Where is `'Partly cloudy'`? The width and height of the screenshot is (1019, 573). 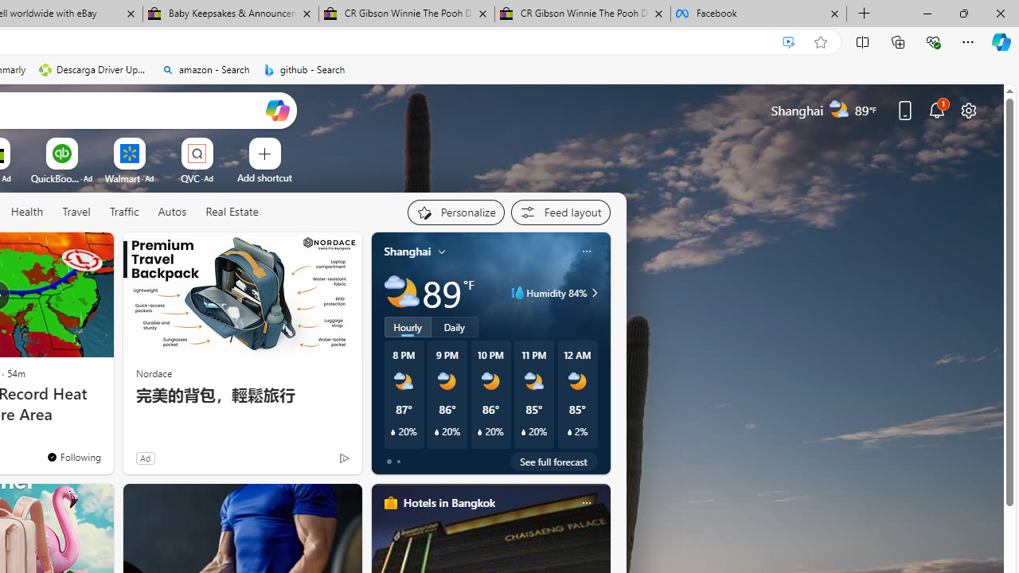 'Partly cloudy' is located at coordinates (401, 293).